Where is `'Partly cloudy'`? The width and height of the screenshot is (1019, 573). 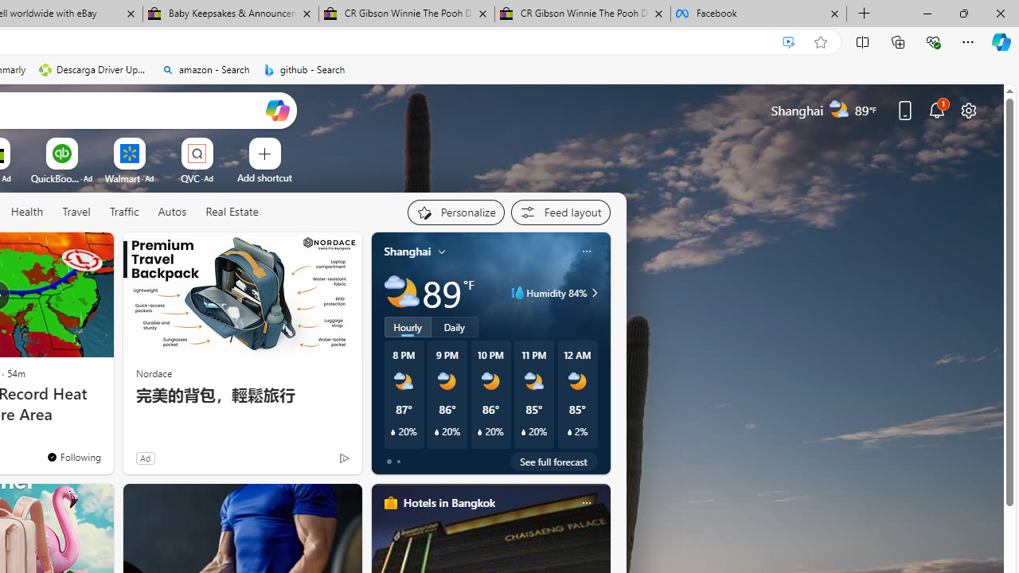 'Partly cloudy' is located at coordinates (401, 293).